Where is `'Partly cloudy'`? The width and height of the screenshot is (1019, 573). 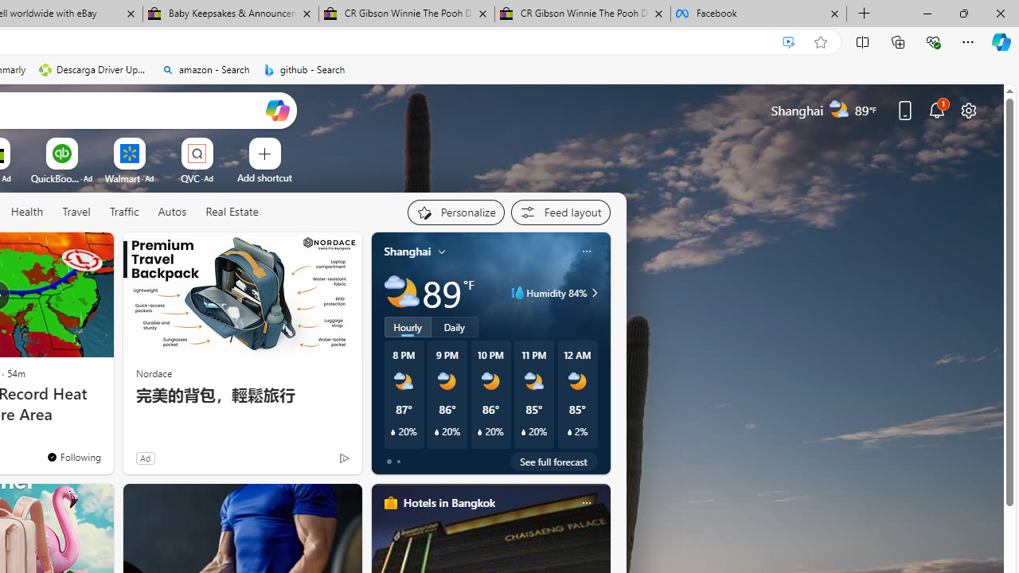 'Partly cloudy' is located at coordinates (401, 293).